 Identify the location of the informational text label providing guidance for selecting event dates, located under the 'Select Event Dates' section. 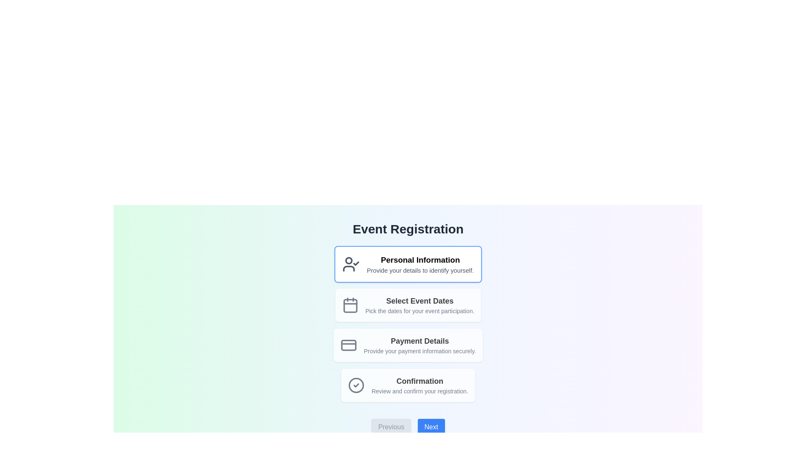
(419, 311).